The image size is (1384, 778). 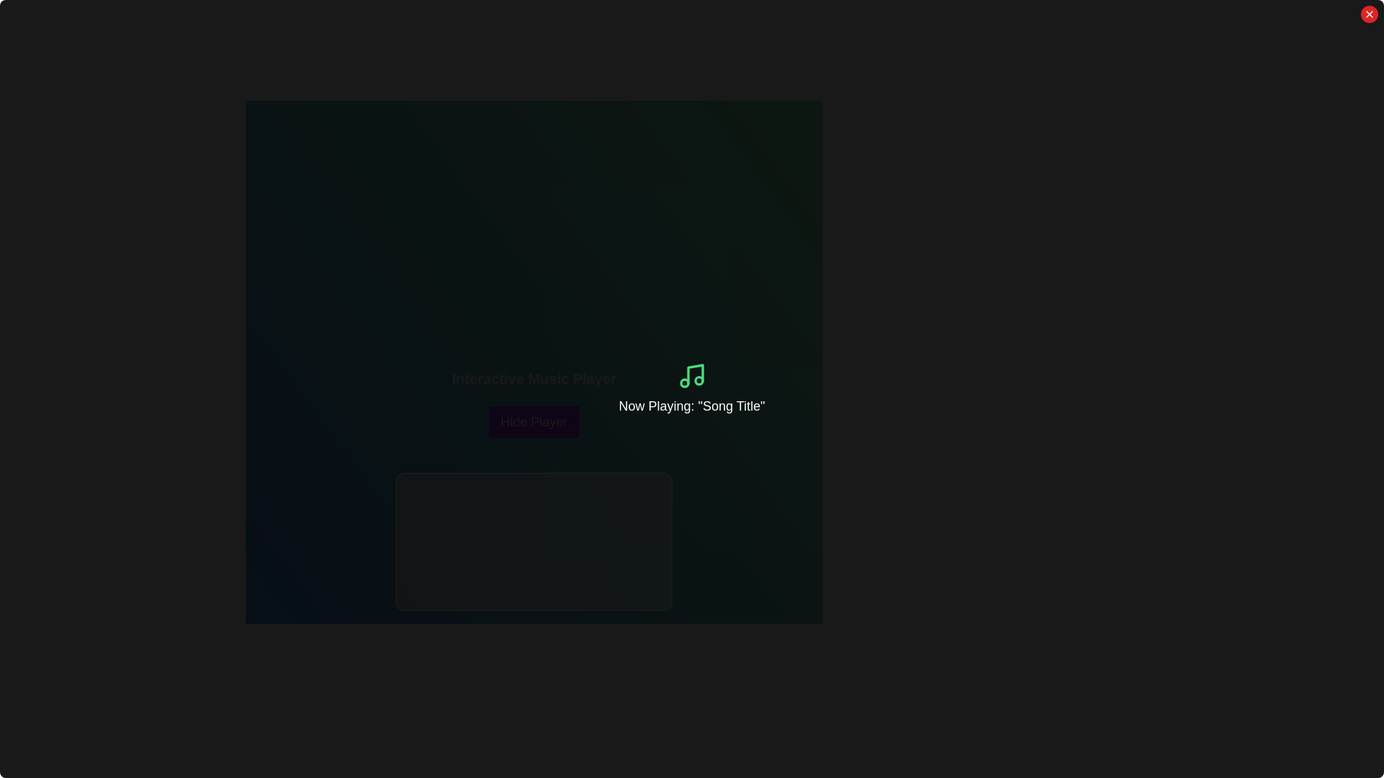 What do you see at coordinates (533, 421) in the screenshot?
I see `the button located below the title 'Interactive Music Player' to hide the player interface` at bounding box center [533, 421].